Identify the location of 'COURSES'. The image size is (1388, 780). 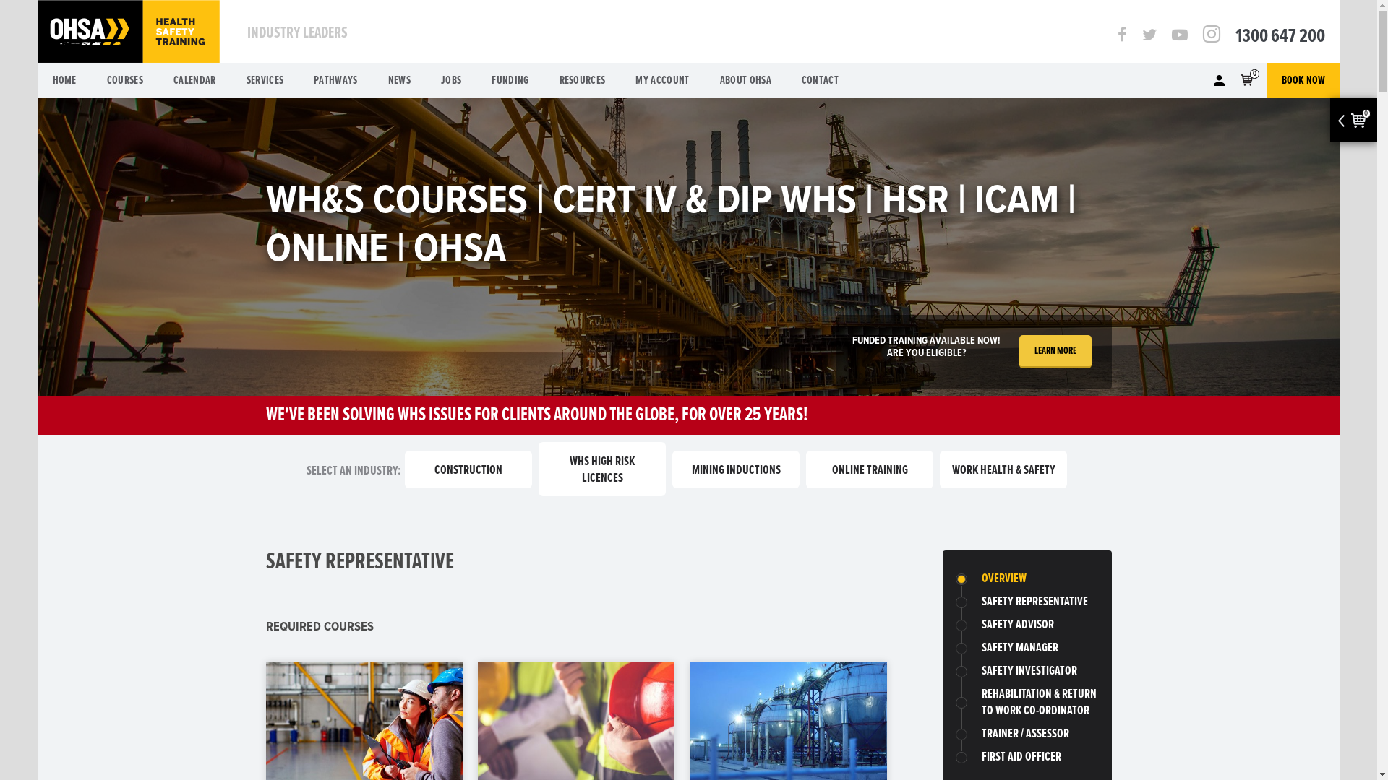
(106, 80).